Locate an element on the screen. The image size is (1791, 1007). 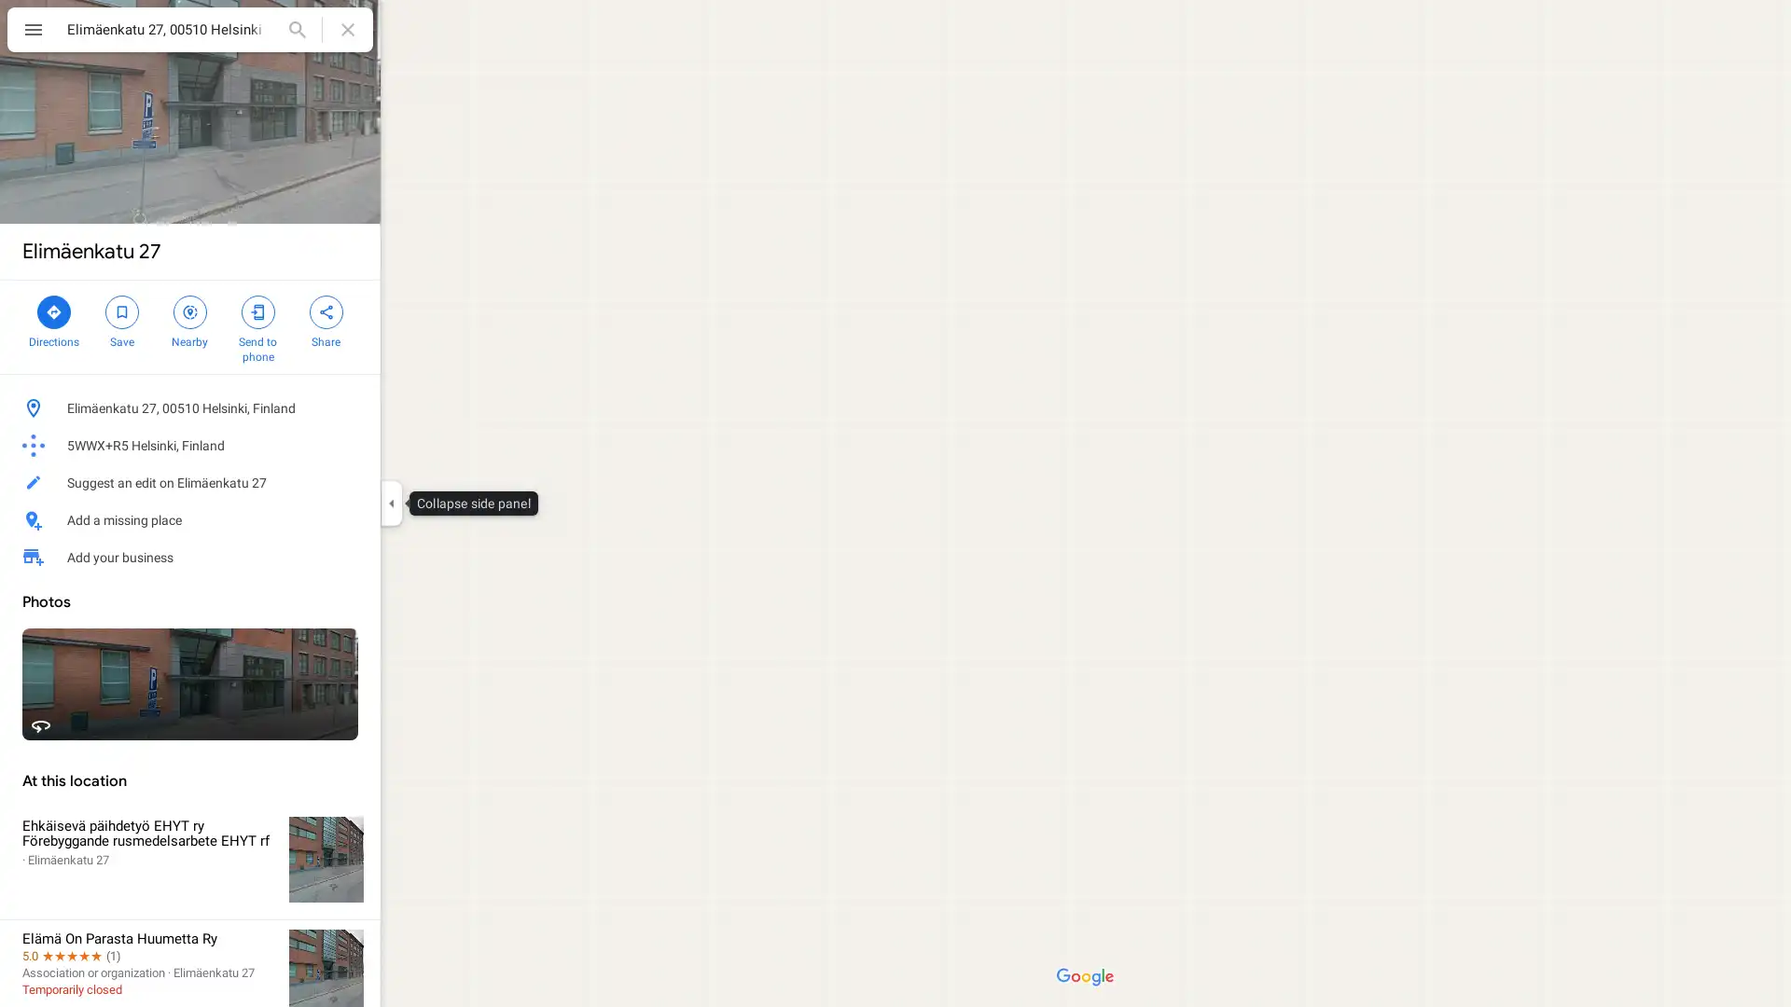
Clear search is located at coordinates (348, 29).